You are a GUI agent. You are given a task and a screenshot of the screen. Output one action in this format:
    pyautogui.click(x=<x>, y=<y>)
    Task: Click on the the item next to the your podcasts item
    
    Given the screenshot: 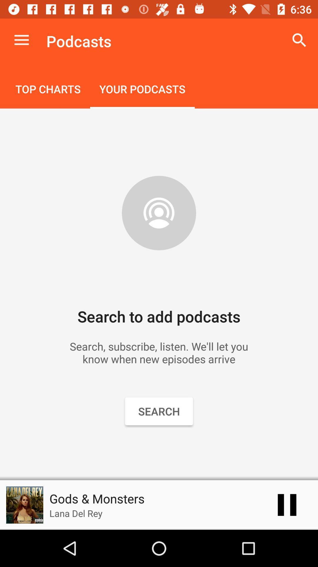 What is the action you would take?
    pyautogui.click(x=48, y=89)
    